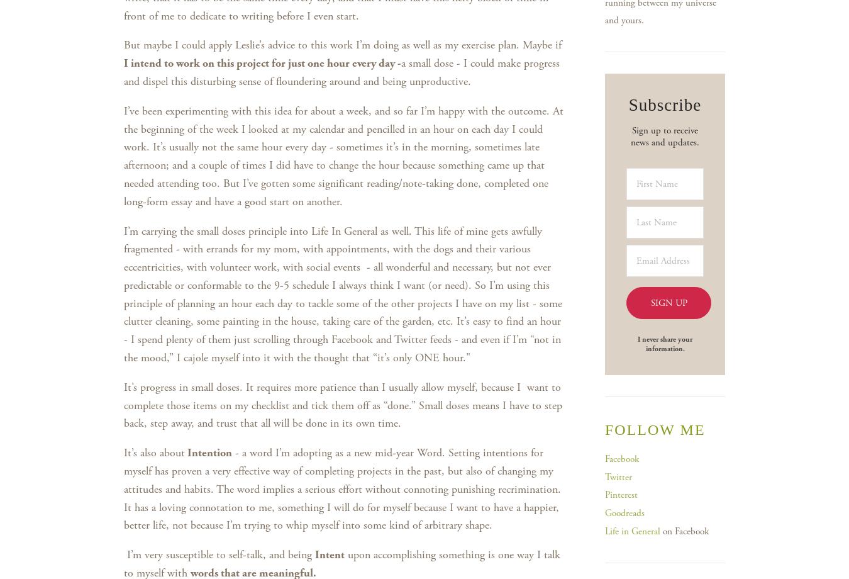 The height and width of the screenshot is (579, 849). What do you see at coordinates (123, 453) in the screenshot?
I see `'It’s also about'` at bounding box center [123, 453].